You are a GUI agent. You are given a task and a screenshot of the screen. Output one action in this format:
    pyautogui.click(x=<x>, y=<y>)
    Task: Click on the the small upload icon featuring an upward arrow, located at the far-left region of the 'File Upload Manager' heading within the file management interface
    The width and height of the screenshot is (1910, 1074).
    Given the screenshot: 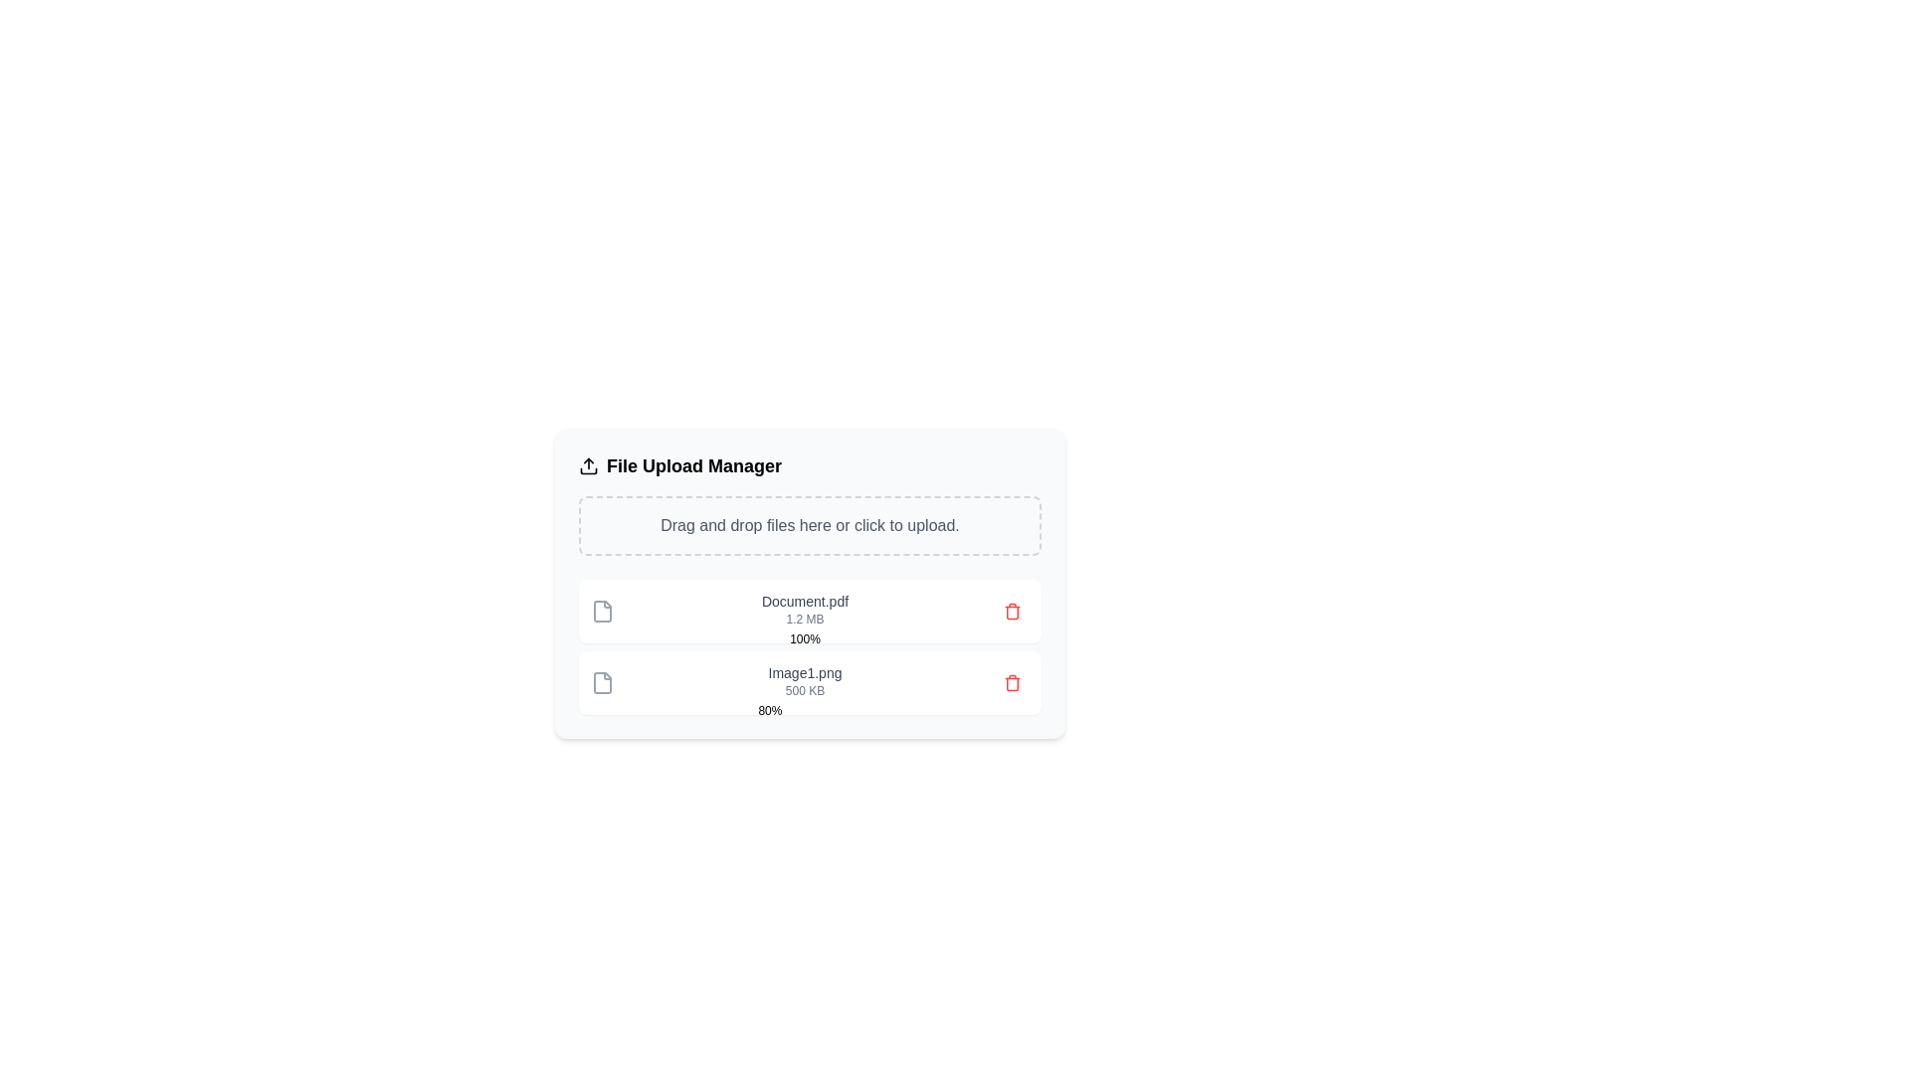 What is the action you would take?
    pyautogui.click(x=587, y=466)
    